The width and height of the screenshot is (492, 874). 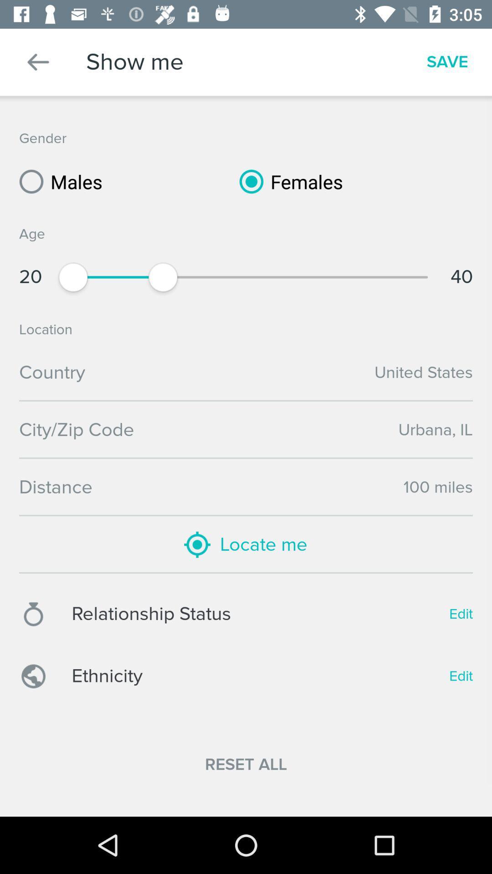 I want to click on the item below ethnicity, so click(x=246, y=765).